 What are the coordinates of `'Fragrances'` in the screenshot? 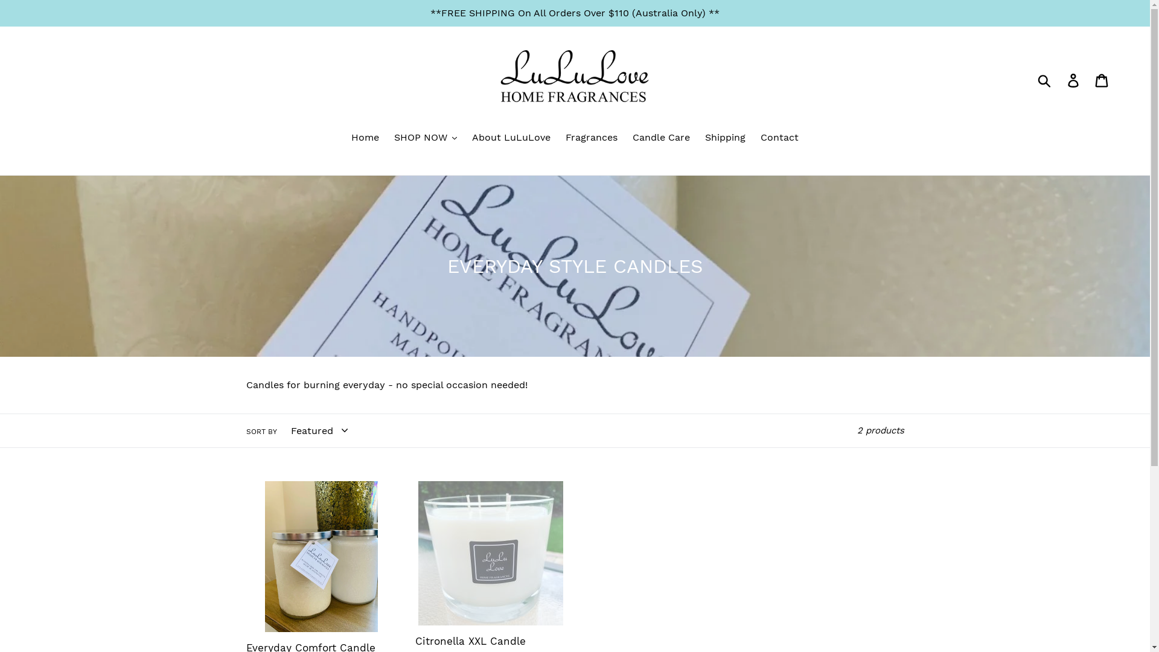 It's located at (591, 138).